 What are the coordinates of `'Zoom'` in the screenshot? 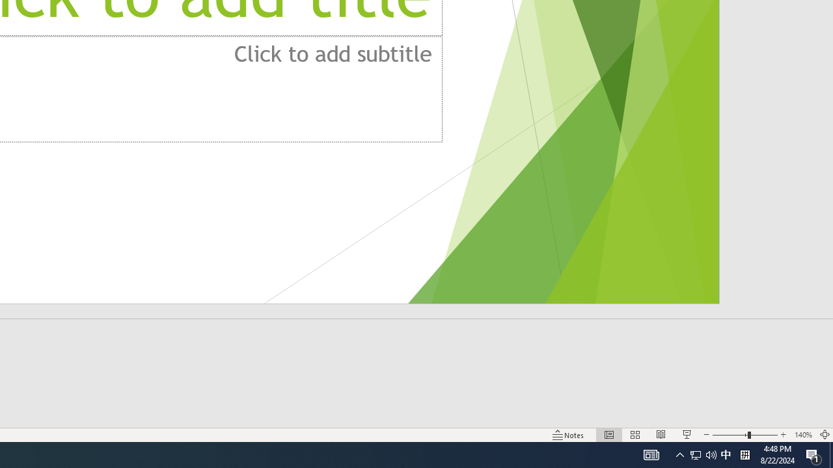 It's located at (744, 435).